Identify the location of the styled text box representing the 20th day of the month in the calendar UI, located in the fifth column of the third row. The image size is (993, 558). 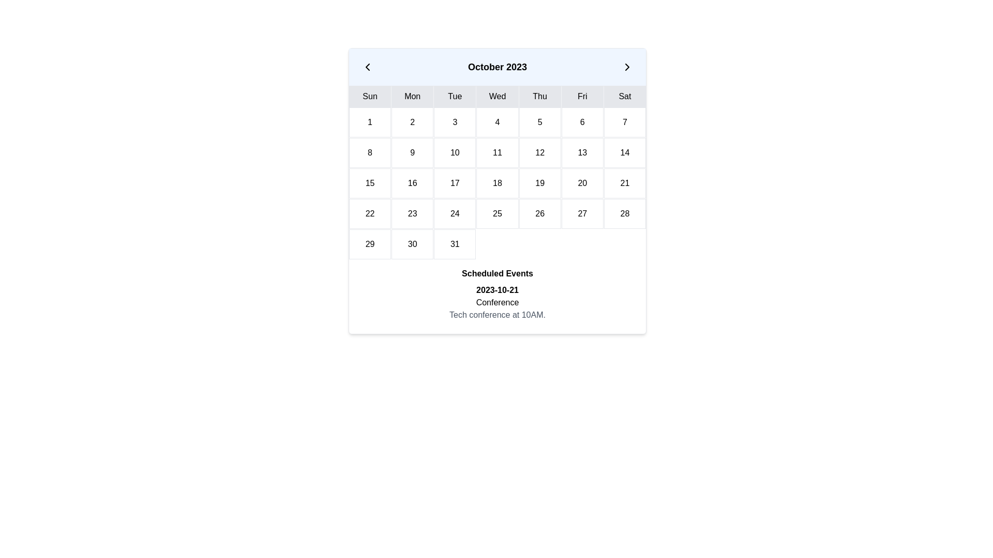
(582, 182).